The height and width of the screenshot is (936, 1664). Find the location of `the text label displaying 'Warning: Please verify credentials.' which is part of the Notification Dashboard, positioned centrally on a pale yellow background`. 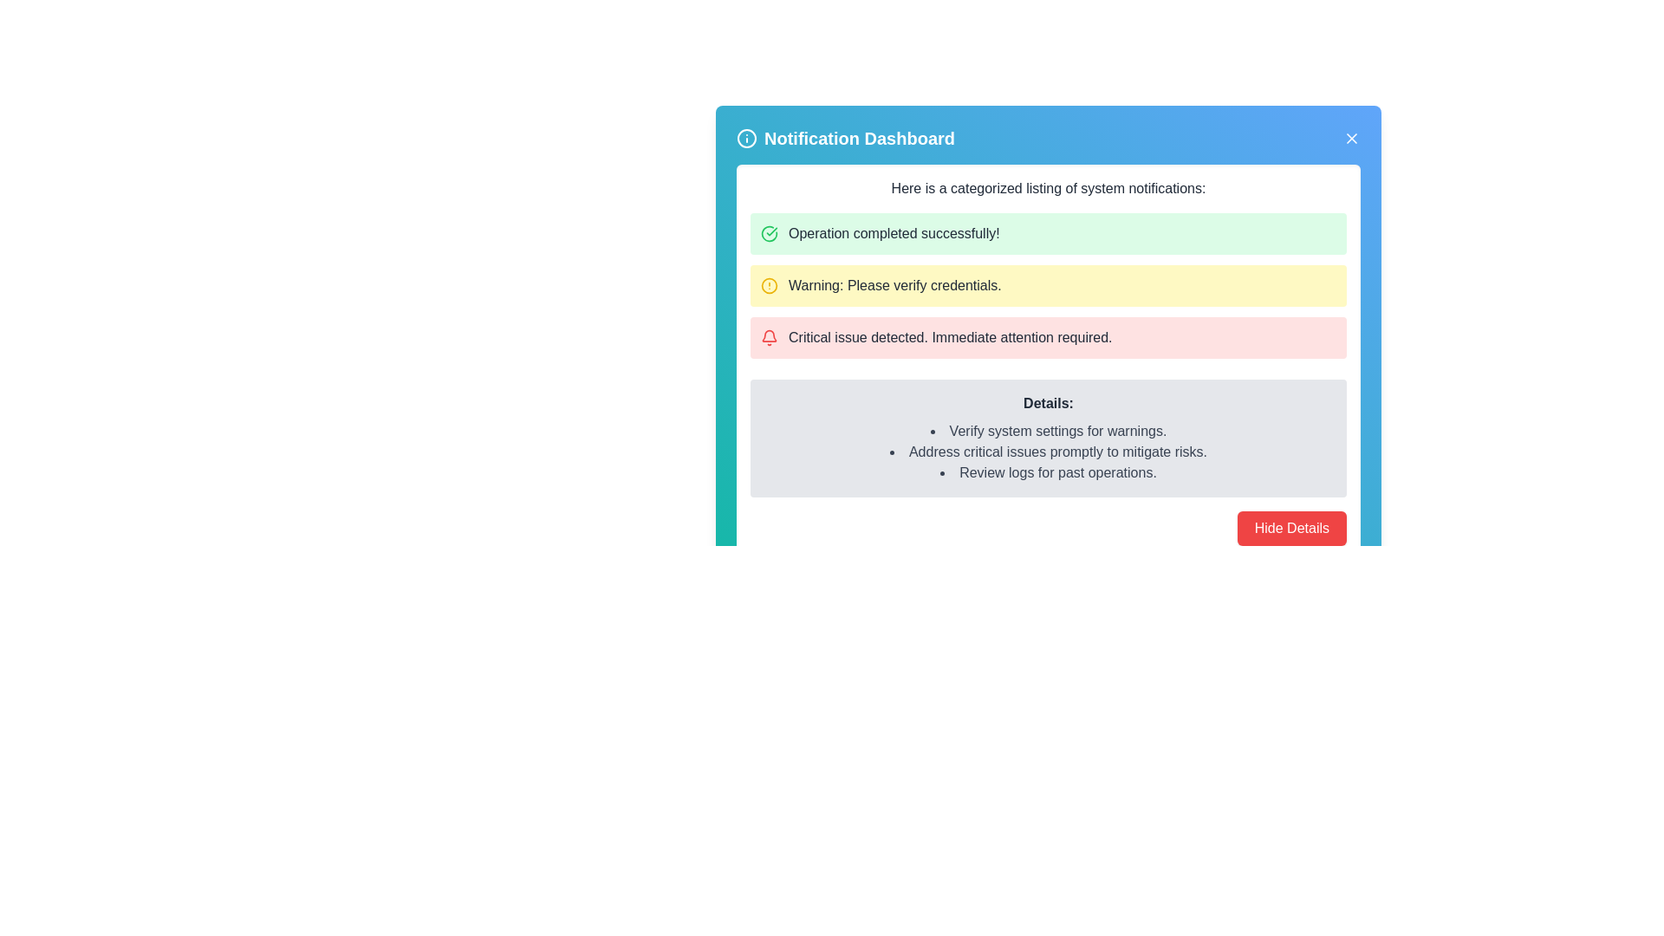

the text label displaying 'Warning: Please verify credentials.' which is part of the Notification Dashboard, positioned centrally on a pale yellow background is located at coordinates (894, 285).